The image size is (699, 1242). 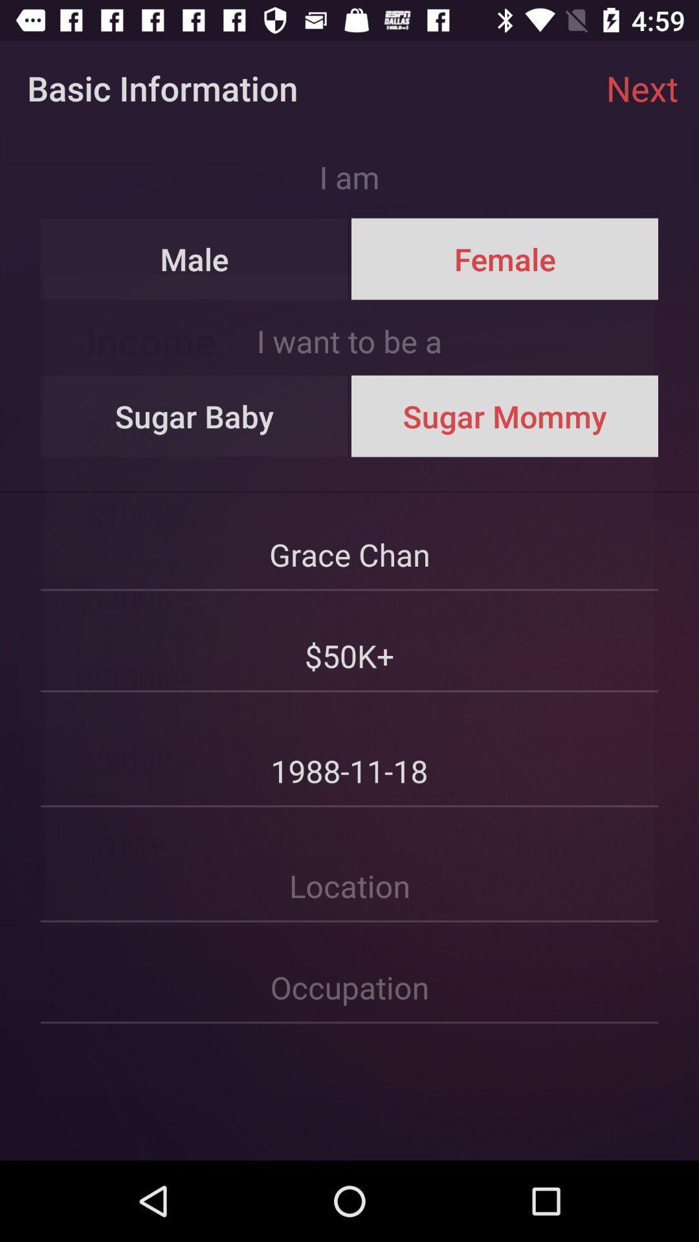 What do you see at coordinates (349, 974) in the screenshot?
I see `because back devicer` at bounding box center [349, 974].